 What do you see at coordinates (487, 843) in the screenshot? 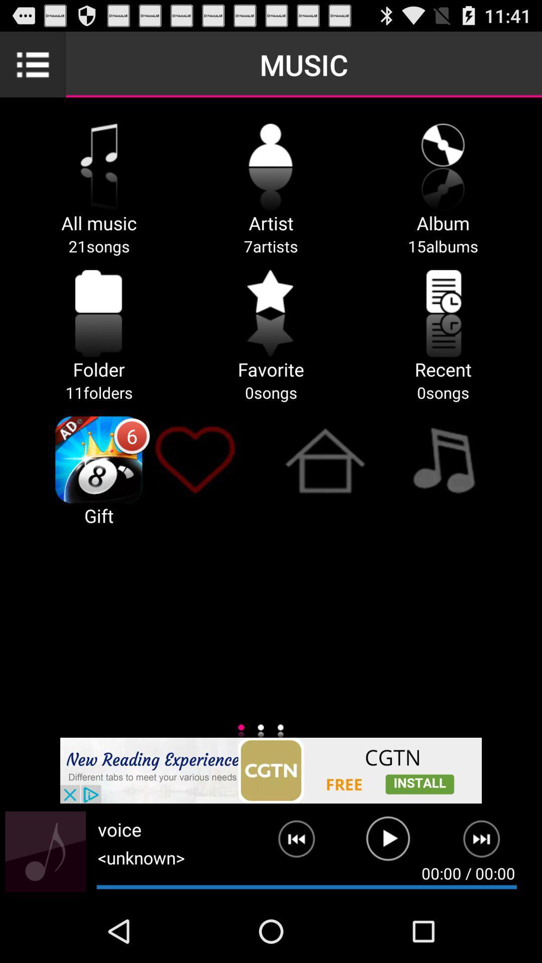
I see `skip to next` at bounding box center [487, 843].